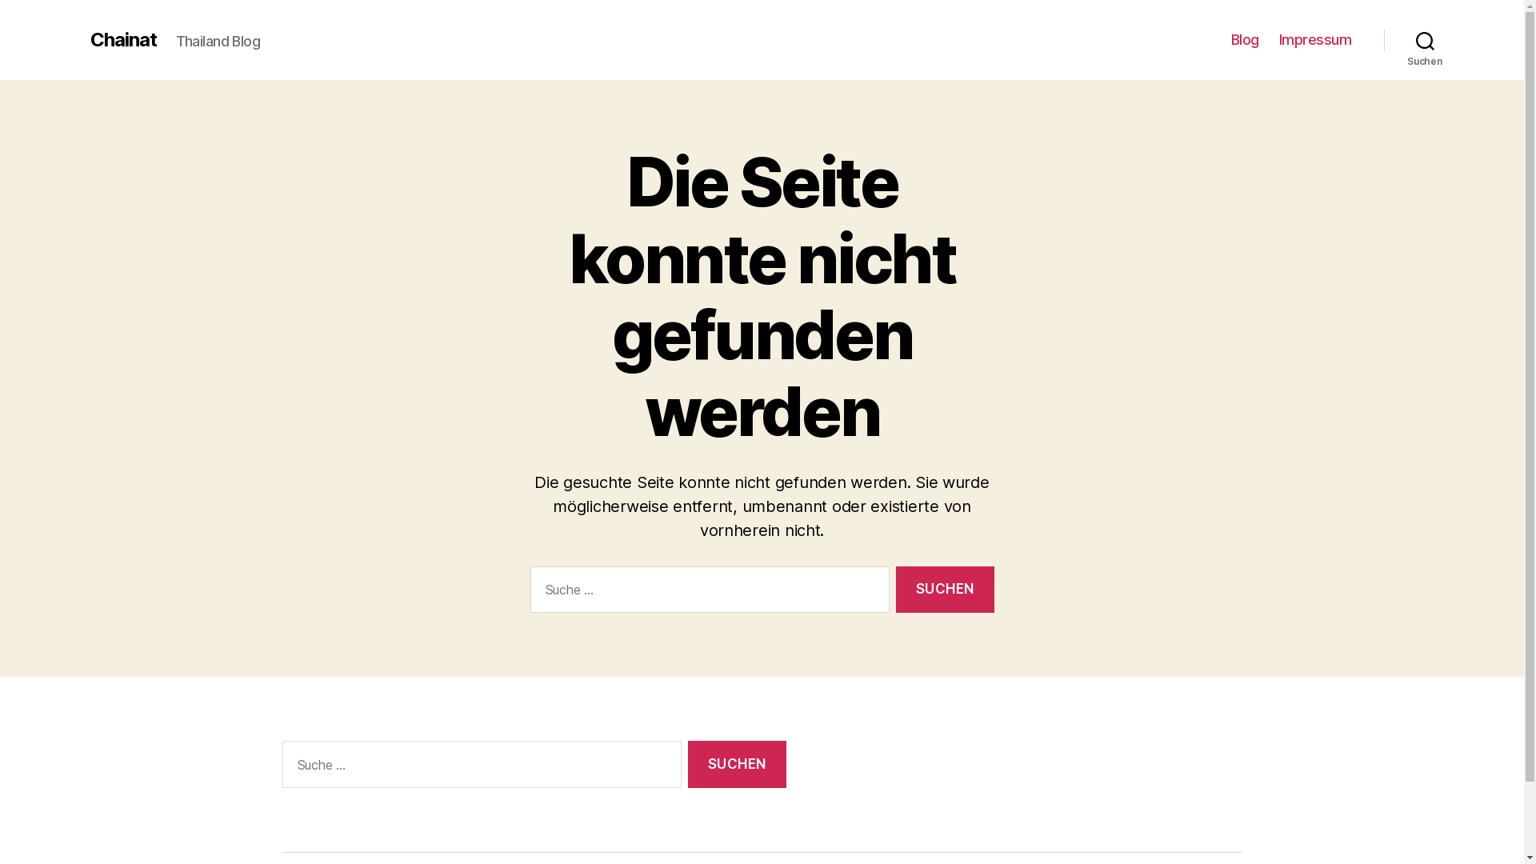 This screenshot has width=1536, height=864. What do you see at coordinates (1425, 39) in the screenshot?
I see `'Suchen'` at bounding box center [1425, 39].